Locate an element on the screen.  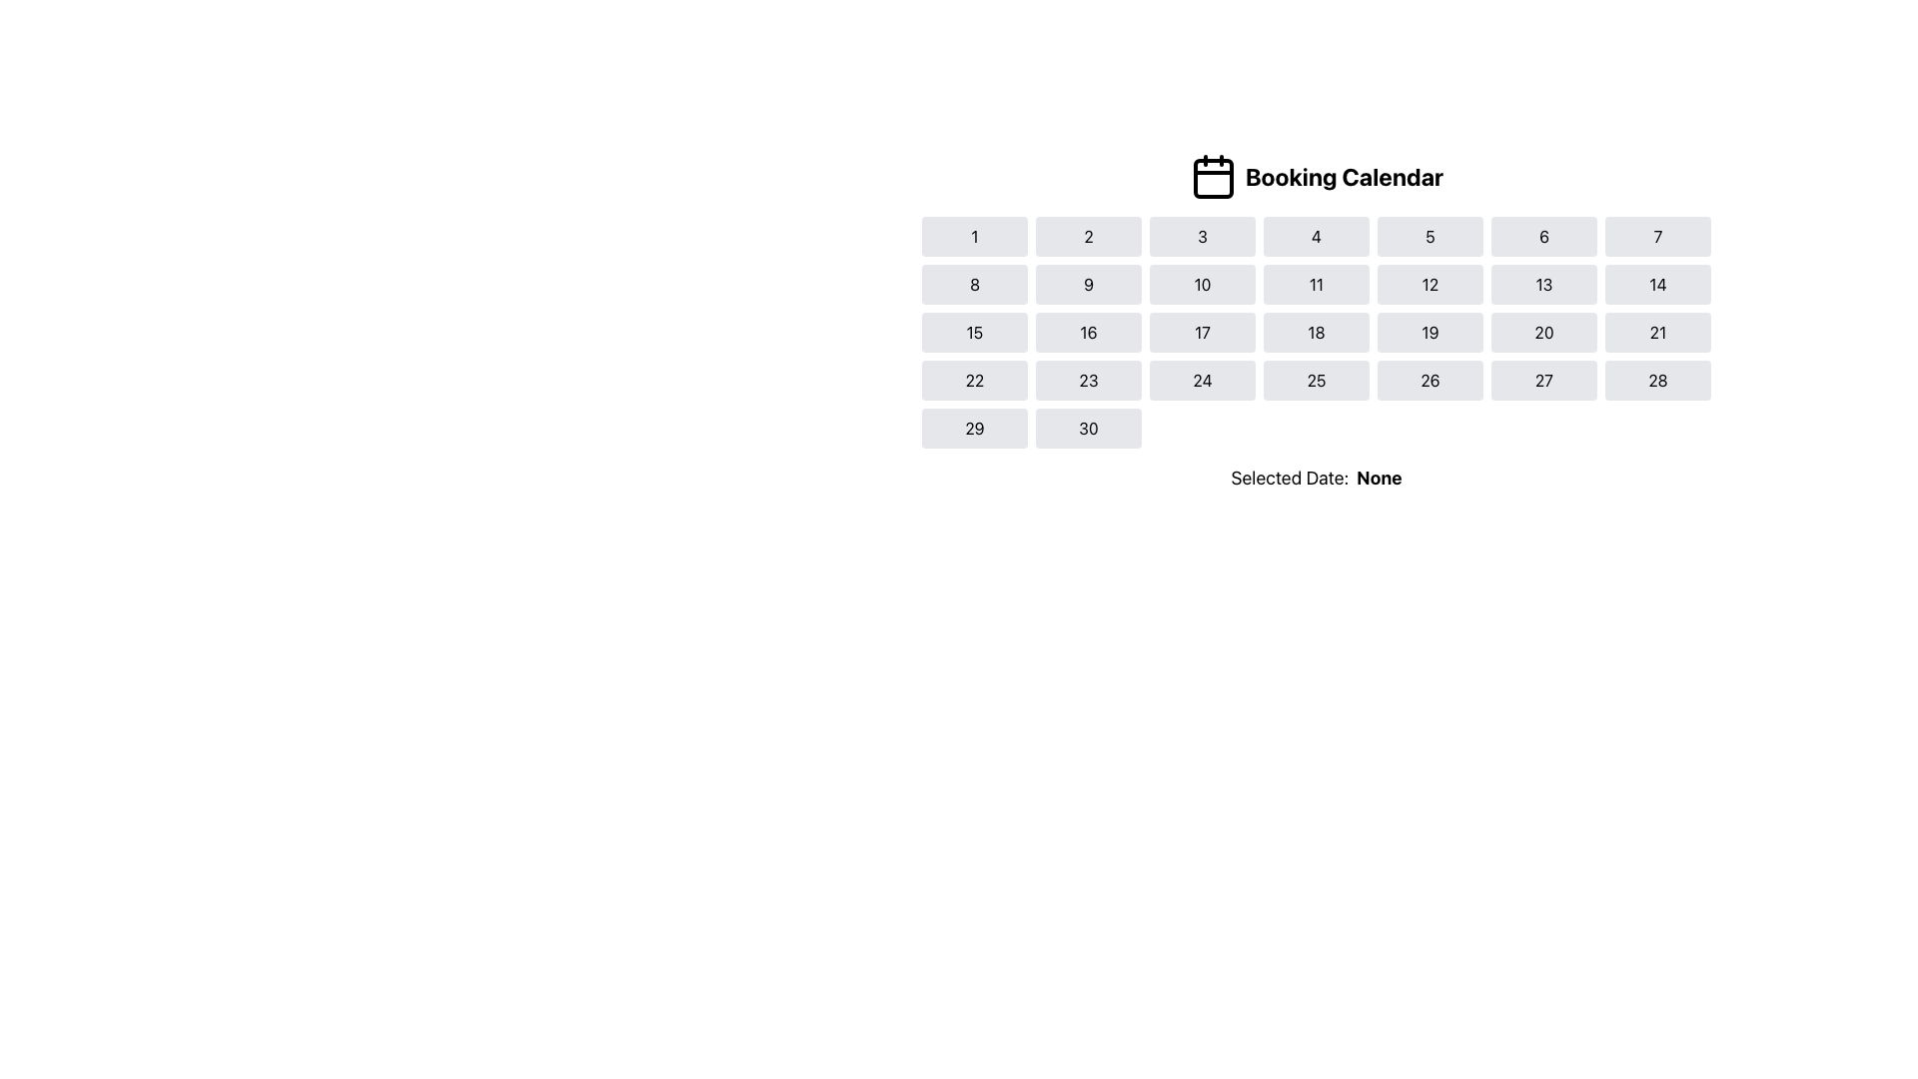
the selectable day button in the calendar interface, which is located in the third column of the third row, directly beneath '10' and '3' is located at coordinates (1202, 331).